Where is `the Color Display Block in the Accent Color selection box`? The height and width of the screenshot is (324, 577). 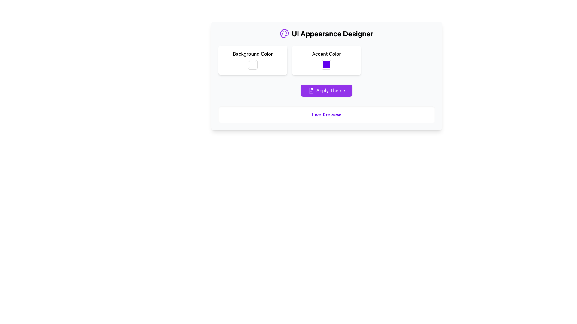
the Color Display Block in the Accent Color selection box is located at coordinates (326, 65).